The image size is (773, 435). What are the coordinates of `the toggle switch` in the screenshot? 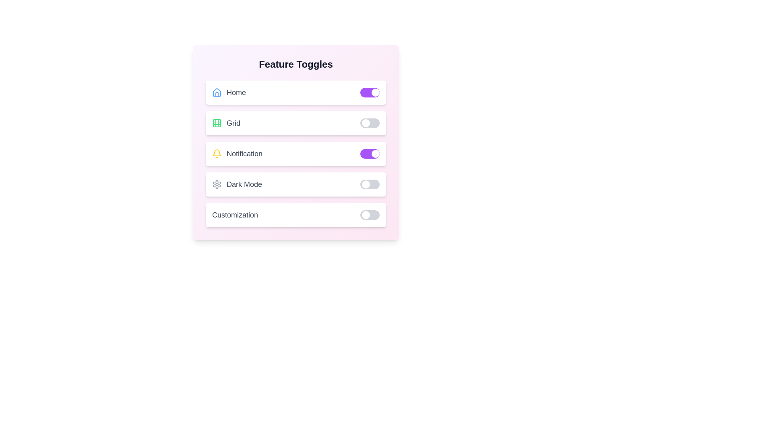 It's located at (369, 153).